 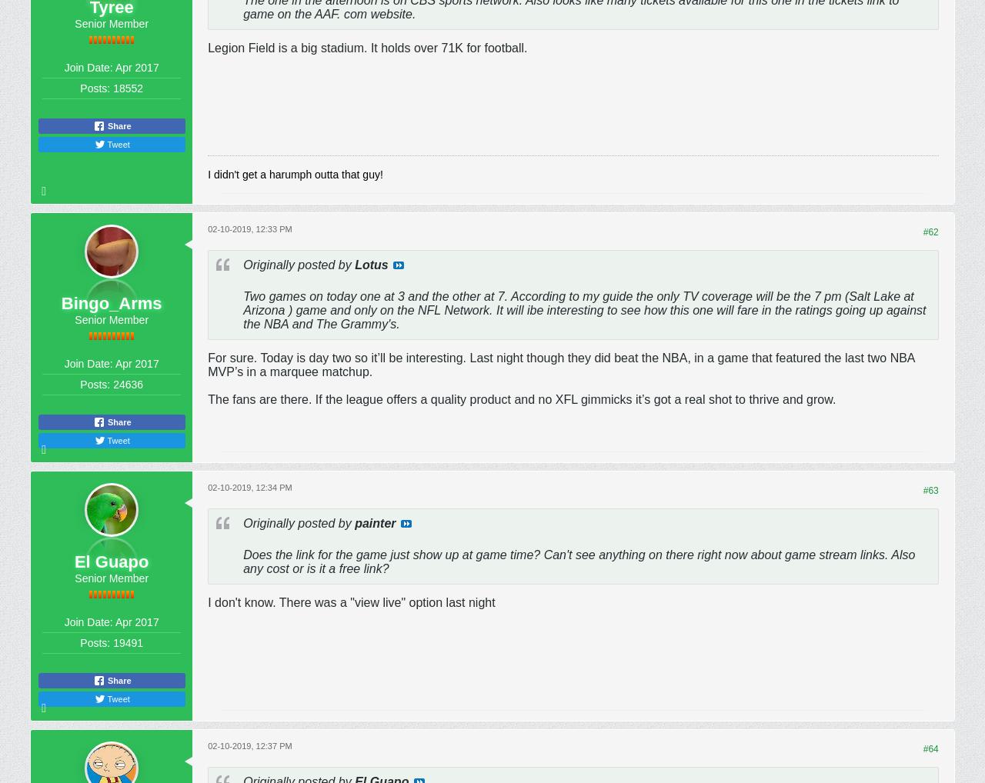 What do you see at coordinates (929, 232) in the screenshot?
I see `'#62'` at bounding box center [929, 232].